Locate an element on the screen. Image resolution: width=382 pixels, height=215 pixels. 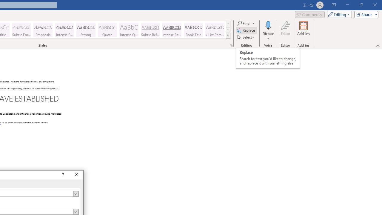
'Book Title' is located at coordinates (193, 30).